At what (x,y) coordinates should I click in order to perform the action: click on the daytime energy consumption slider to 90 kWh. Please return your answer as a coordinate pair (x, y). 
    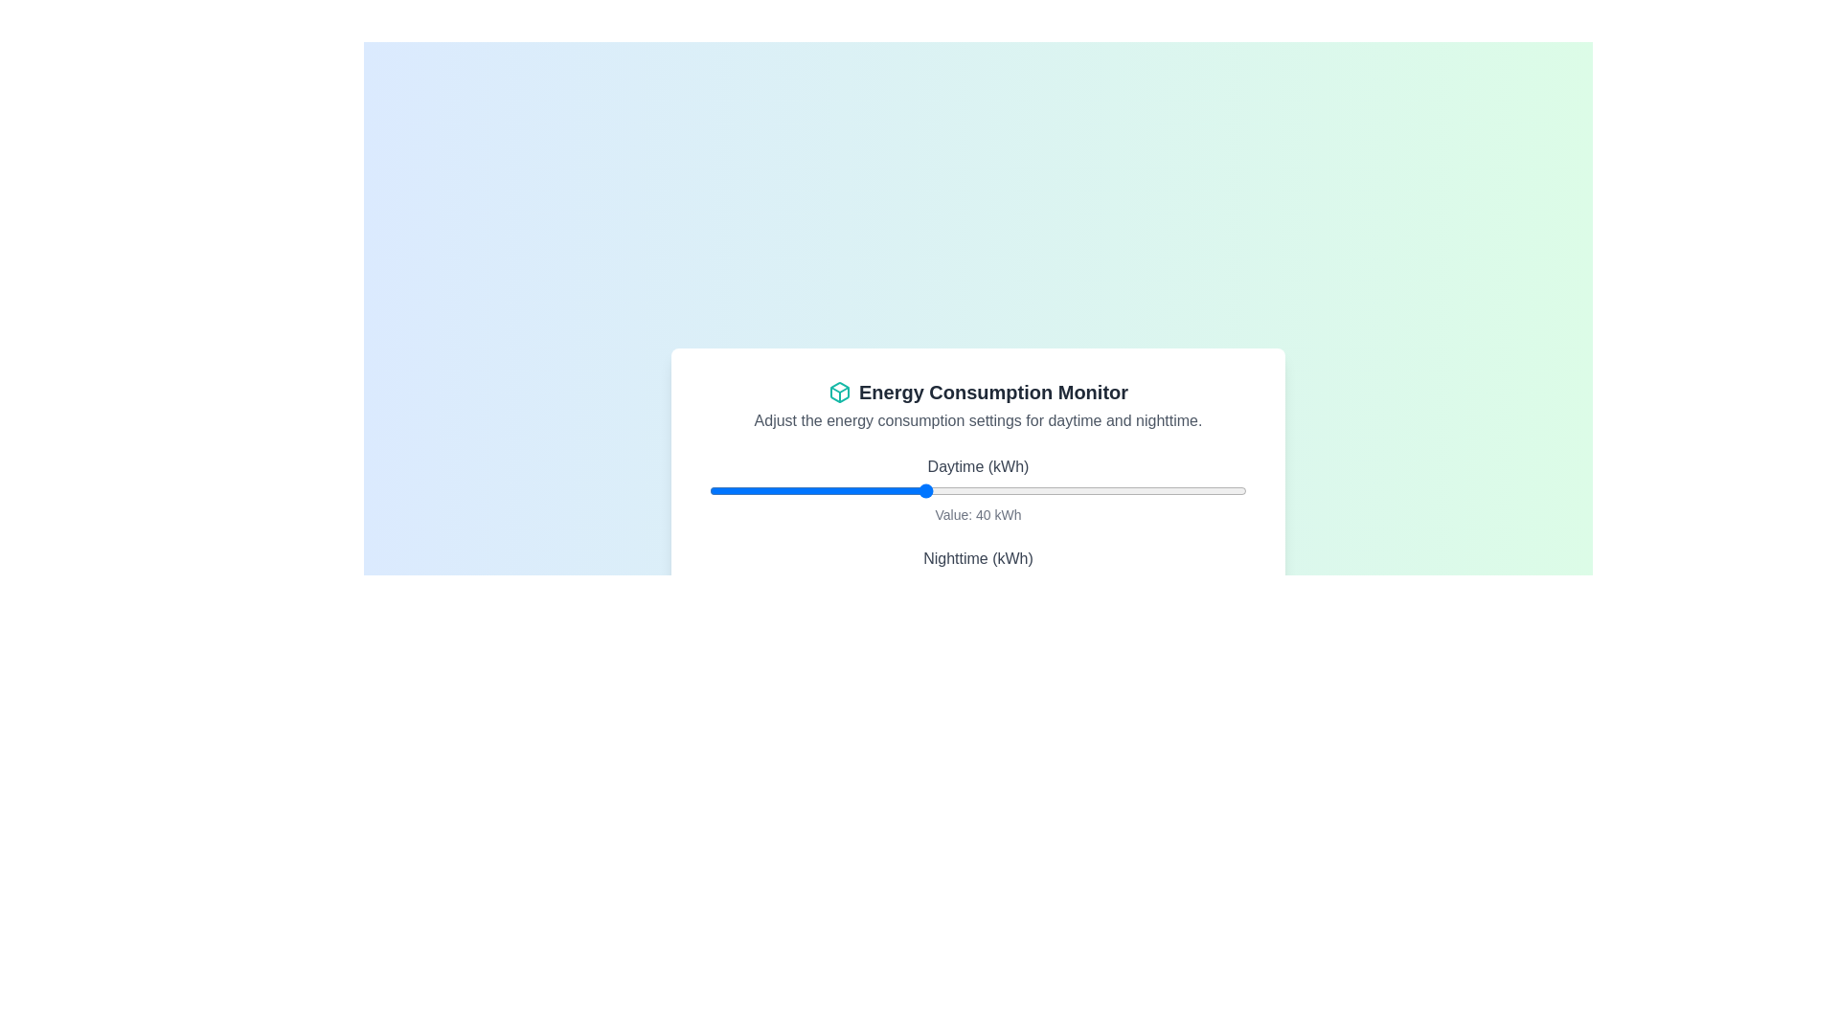
    Looking at the image, I should click on (1192, 490).